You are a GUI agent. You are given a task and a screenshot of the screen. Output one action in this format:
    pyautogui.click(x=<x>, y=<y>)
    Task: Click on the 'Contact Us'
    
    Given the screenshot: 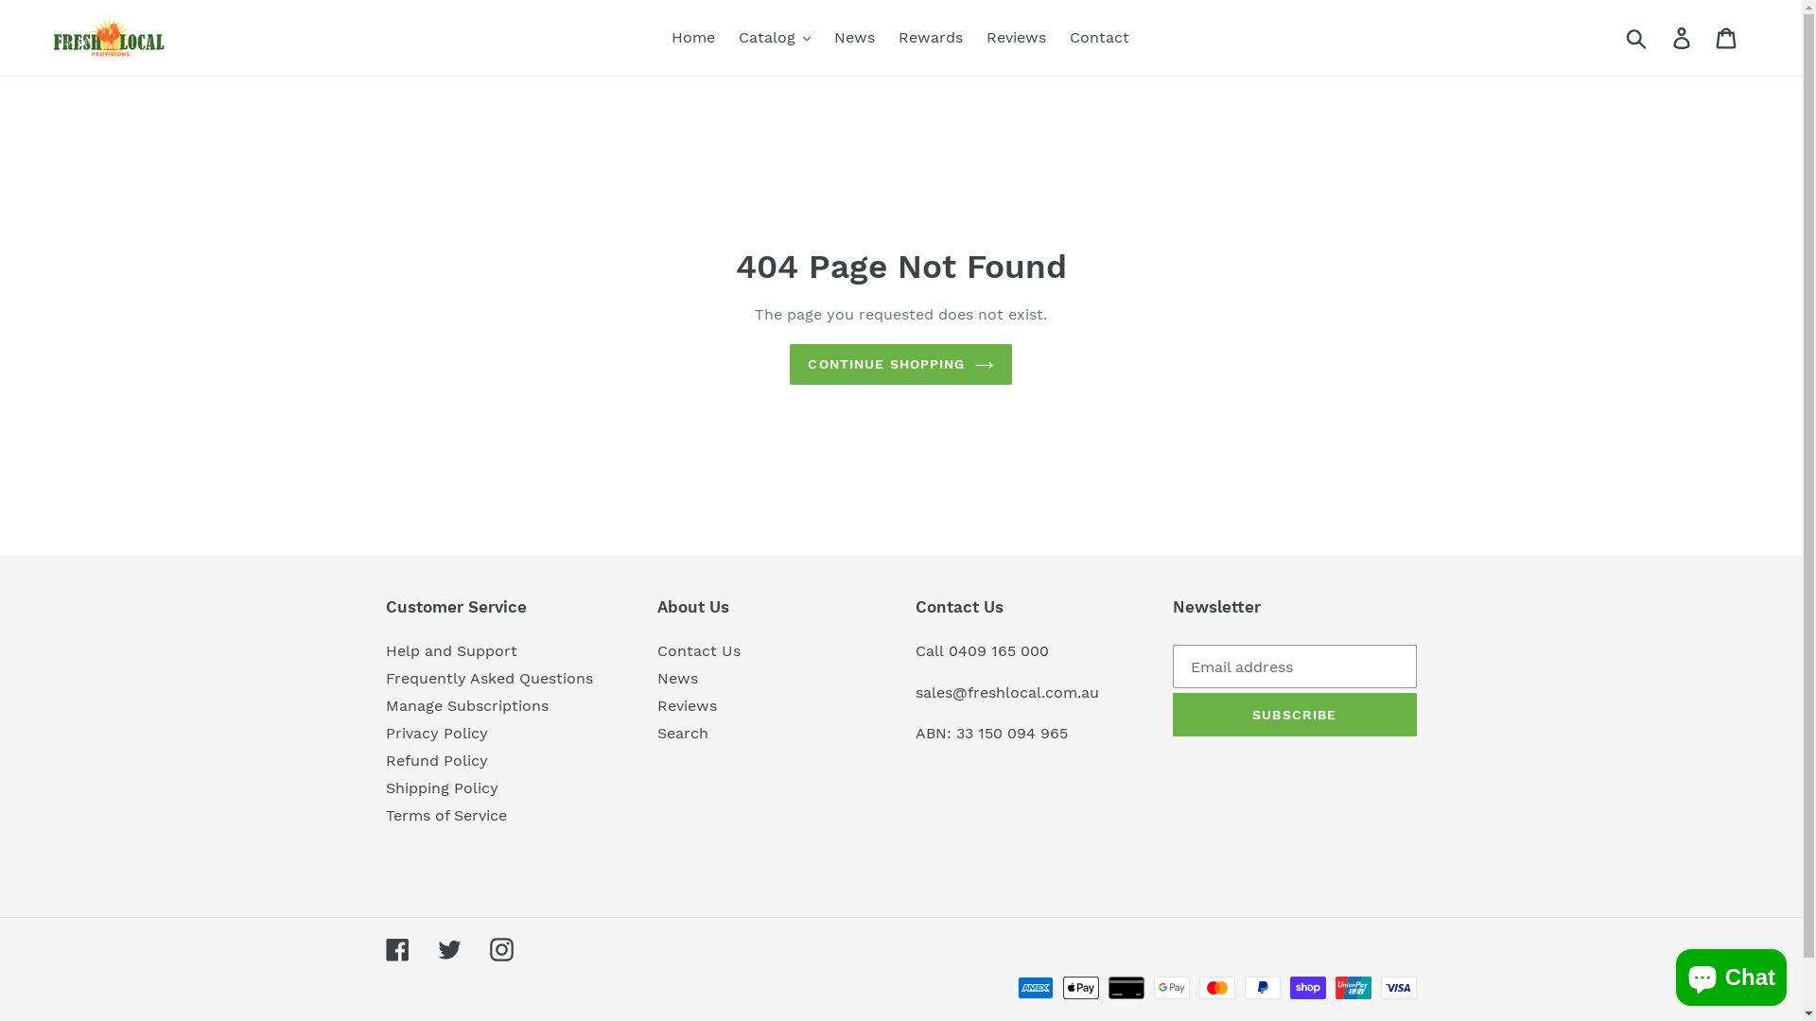 What is the action you would take?
    pyautogui.click(x=698, y=649)
    